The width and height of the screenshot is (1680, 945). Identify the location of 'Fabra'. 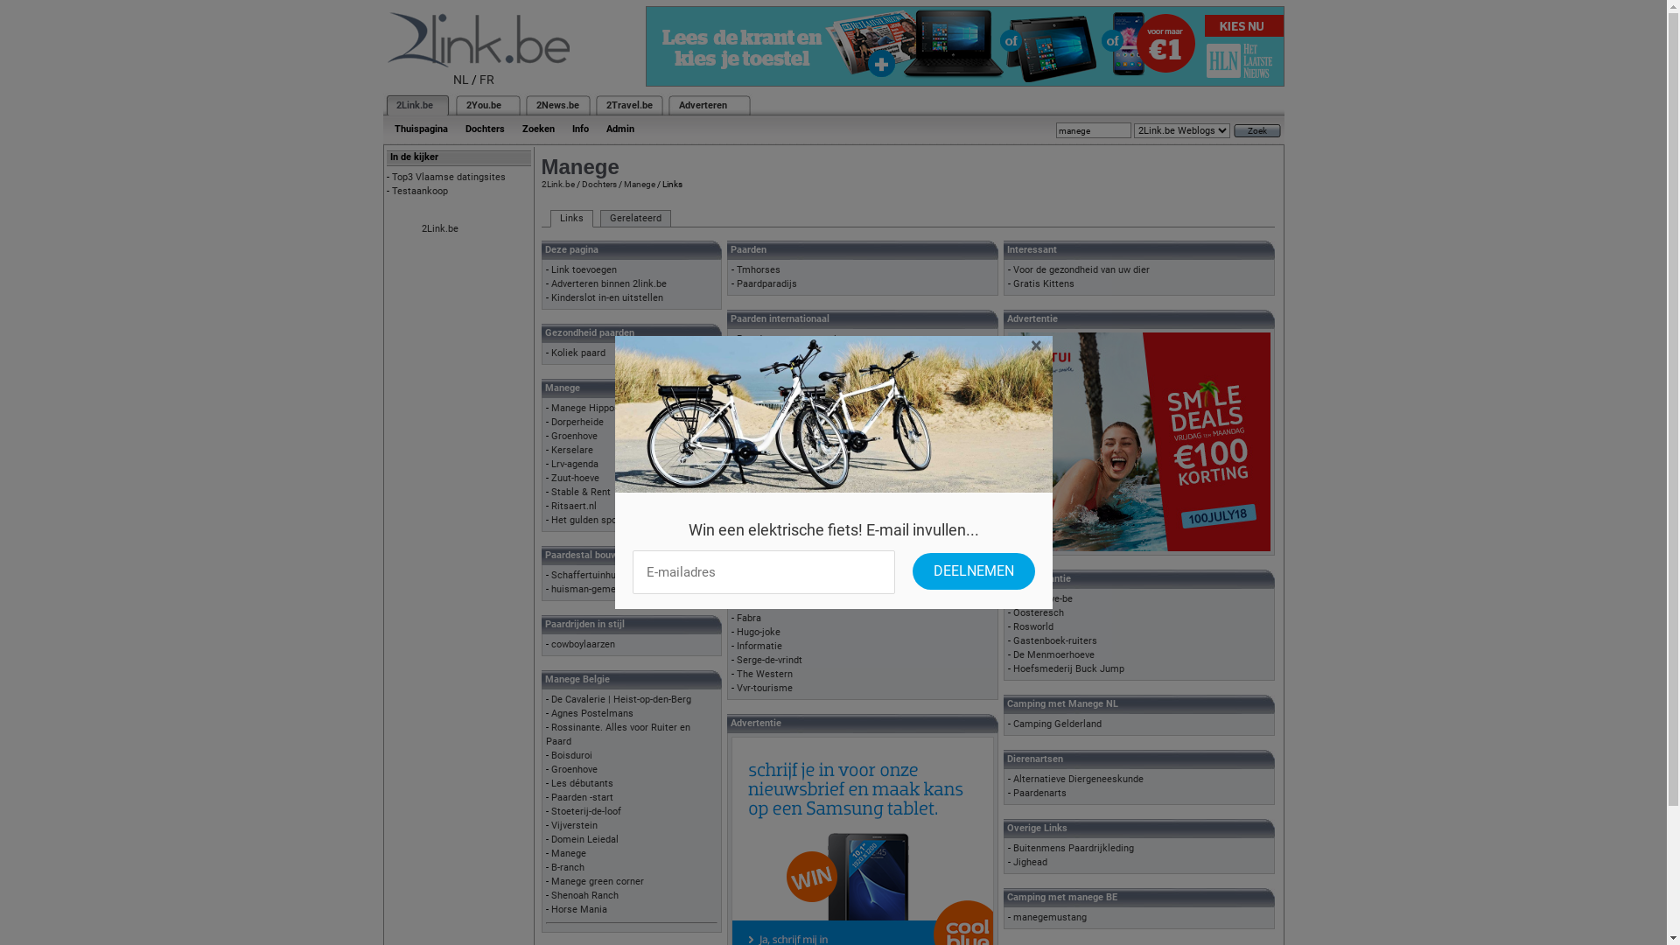
(748, 617).